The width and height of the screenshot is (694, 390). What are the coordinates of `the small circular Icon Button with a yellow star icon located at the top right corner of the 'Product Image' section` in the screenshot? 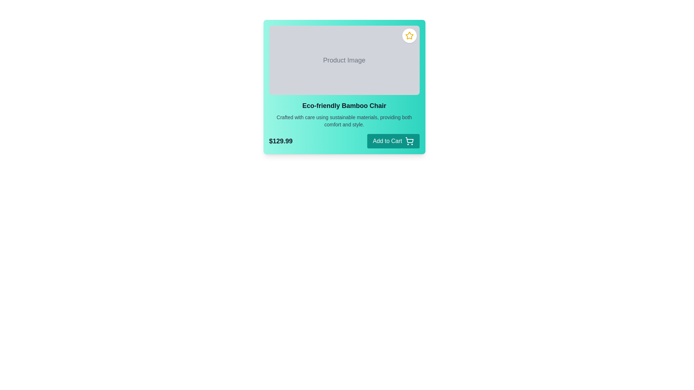 It's located at (409, 36).